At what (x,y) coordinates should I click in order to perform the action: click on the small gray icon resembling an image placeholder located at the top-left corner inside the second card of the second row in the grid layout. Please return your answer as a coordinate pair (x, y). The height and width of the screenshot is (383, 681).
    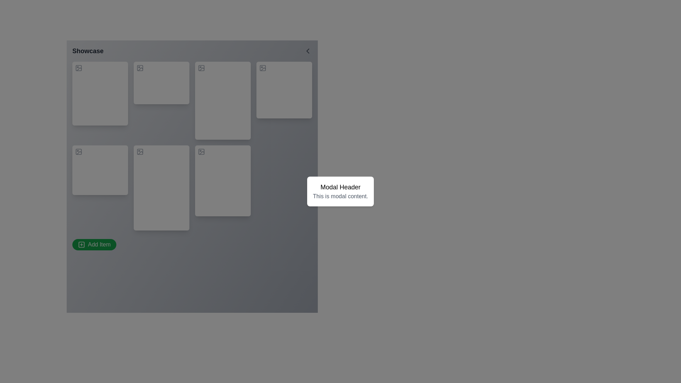
    Looking at the image, I should click on (78, 151).